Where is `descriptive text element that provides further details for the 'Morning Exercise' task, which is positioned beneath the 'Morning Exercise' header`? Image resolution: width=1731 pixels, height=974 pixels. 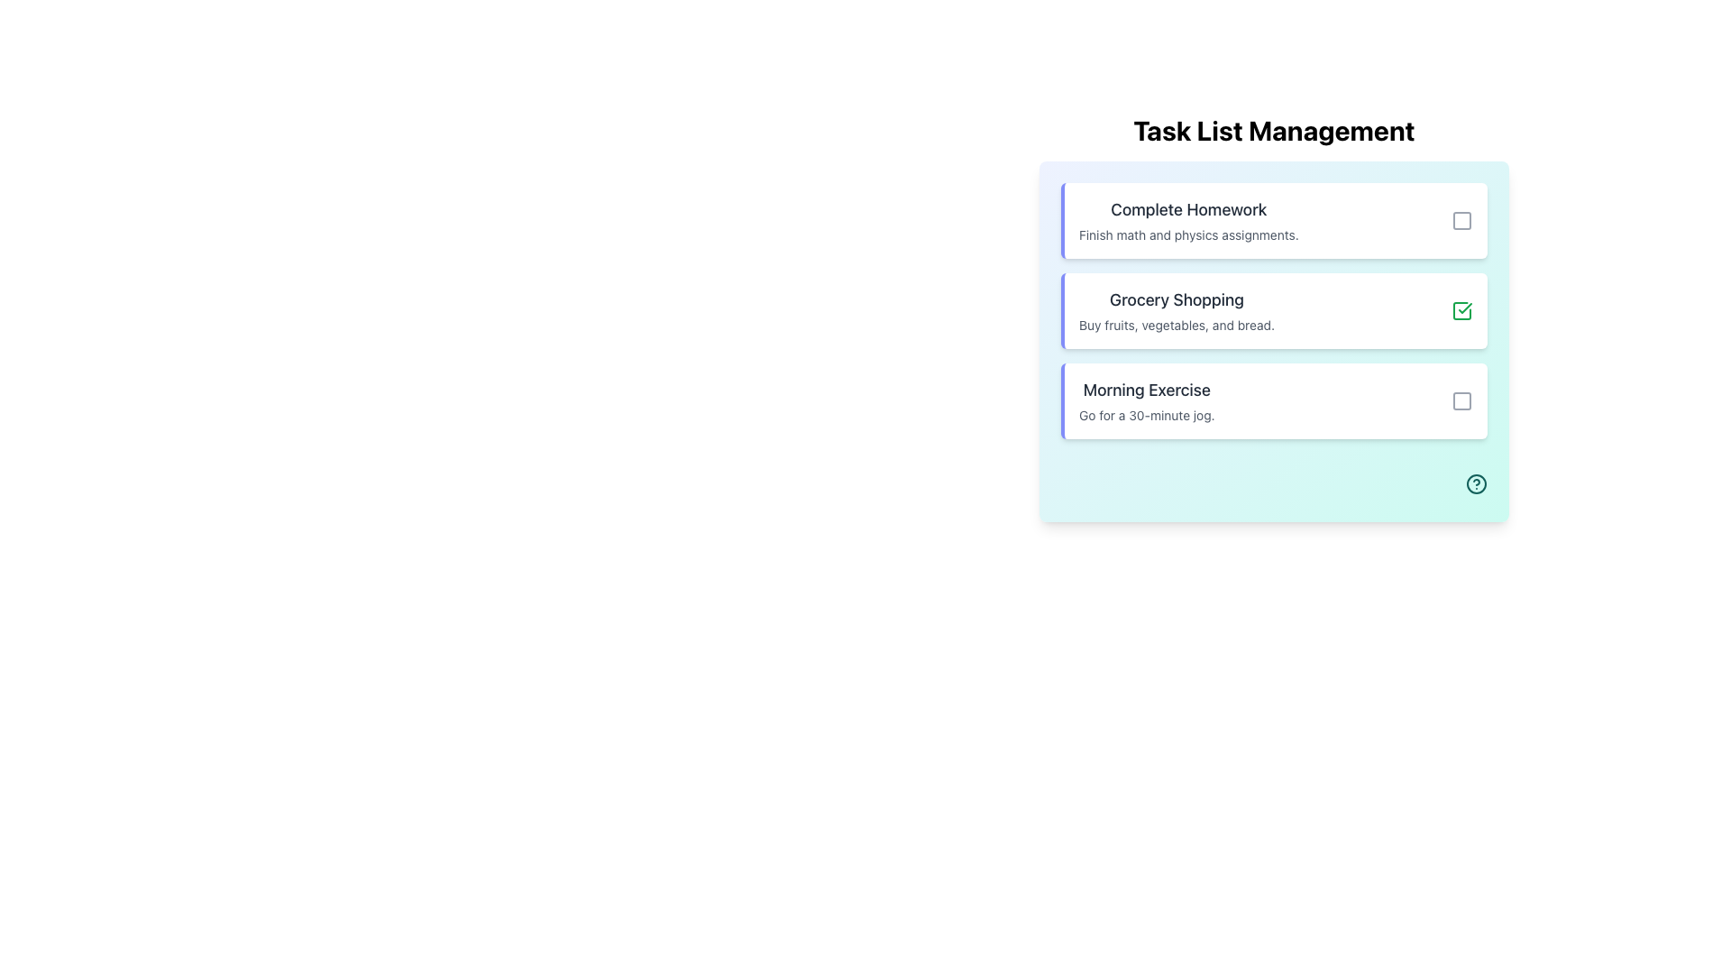 descriptive text element that provides further details for the 'Morning Exercise' task, which is positioned beneath the 'Morning Exercise' header is located at coordinates (1146, 416).